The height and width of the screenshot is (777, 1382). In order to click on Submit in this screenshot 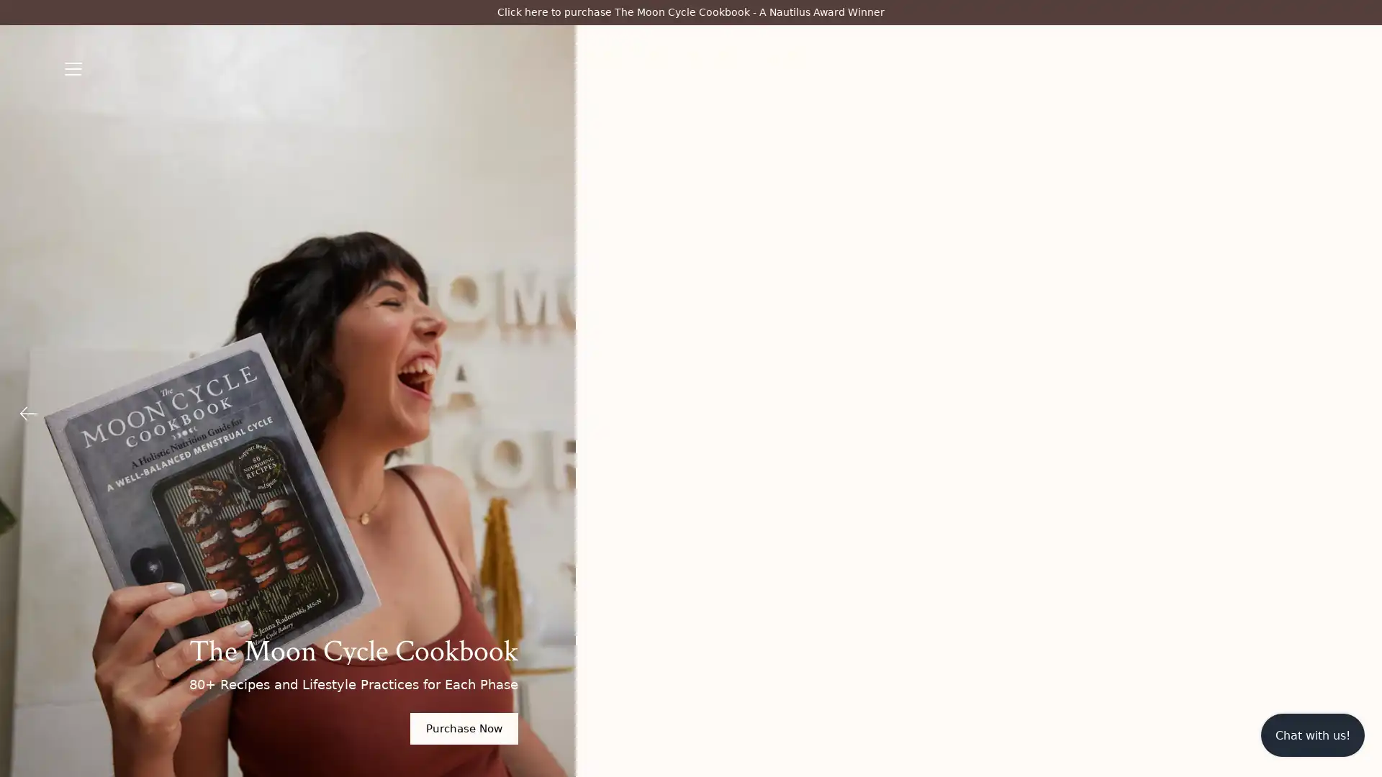, I will do `click(1329, 724)`.